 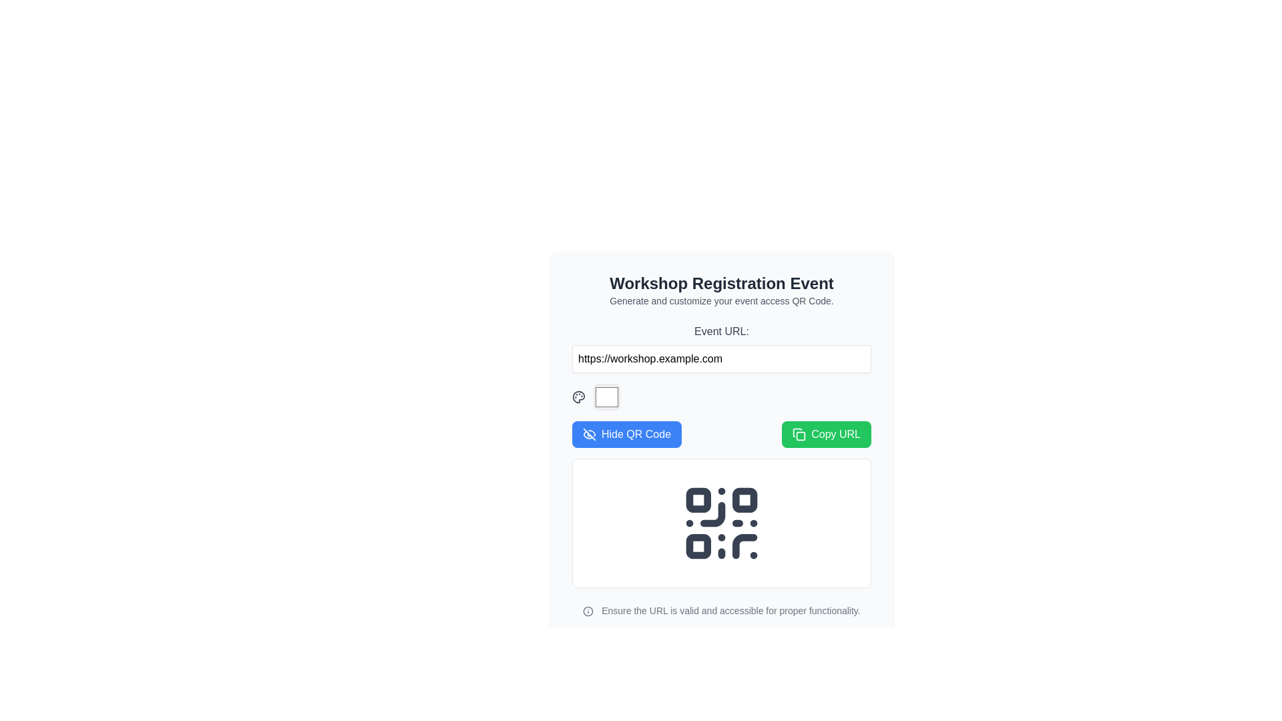 What do you see at coordinates (744, 500) in the screenshot?
I see `the square decorative component located in the top-right corner of the QR code graphic beneath the 'Hide QR Code' and 'Copy URL' buttons` at bounding box center [744, 500].